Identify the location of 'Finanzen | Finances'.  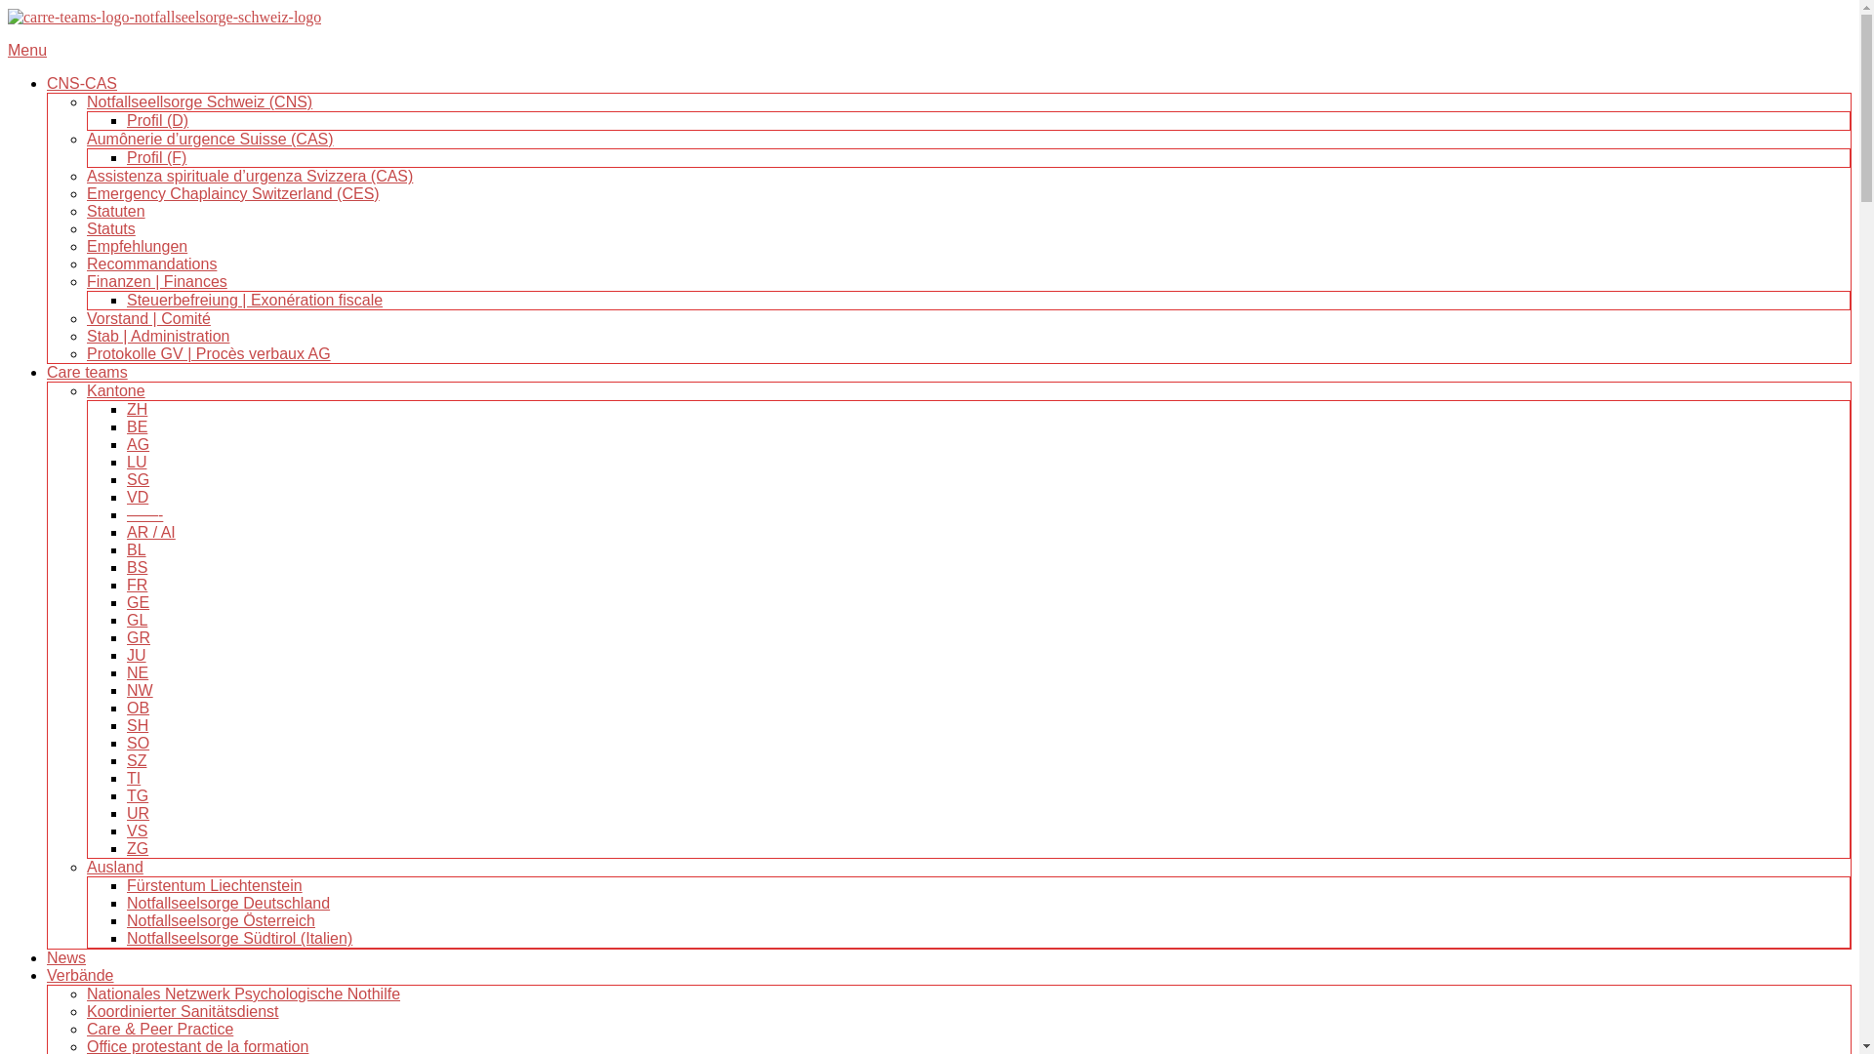
(157, 281).